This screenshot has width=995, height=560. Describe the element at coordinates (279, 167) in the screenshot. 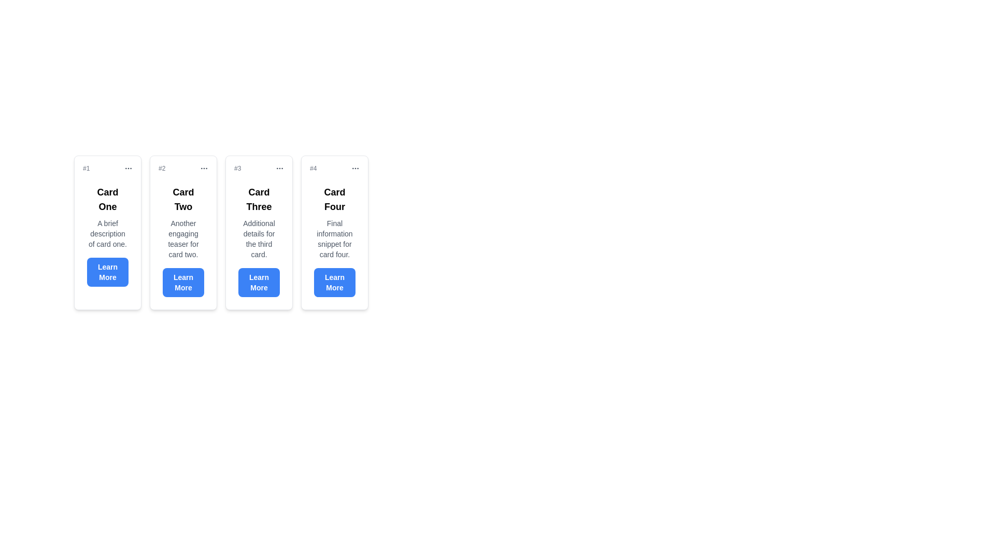

I see `the ellipsis icon located in the header section of the third card, to the right of the text '#3'` at that location.